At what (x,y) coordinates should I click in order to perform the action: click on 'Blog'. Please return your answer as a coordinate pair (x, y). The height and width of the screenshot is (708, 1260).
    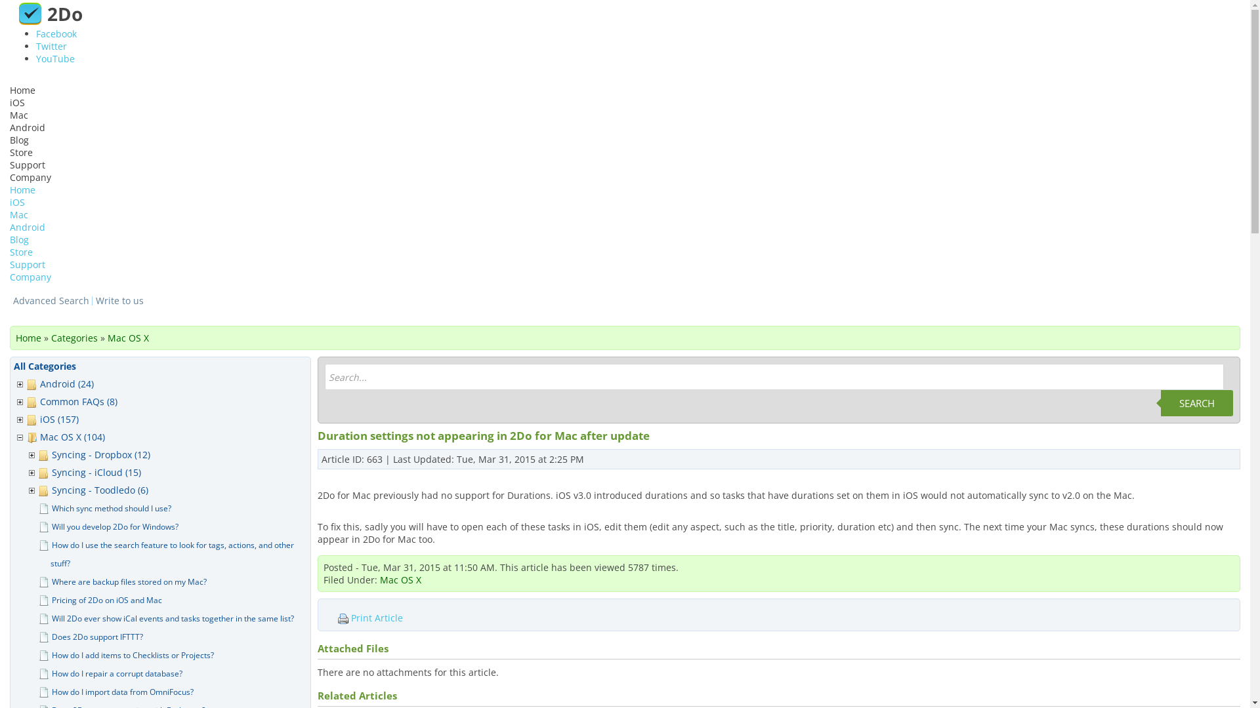
    Looking at the image, I should click on (19, 239).